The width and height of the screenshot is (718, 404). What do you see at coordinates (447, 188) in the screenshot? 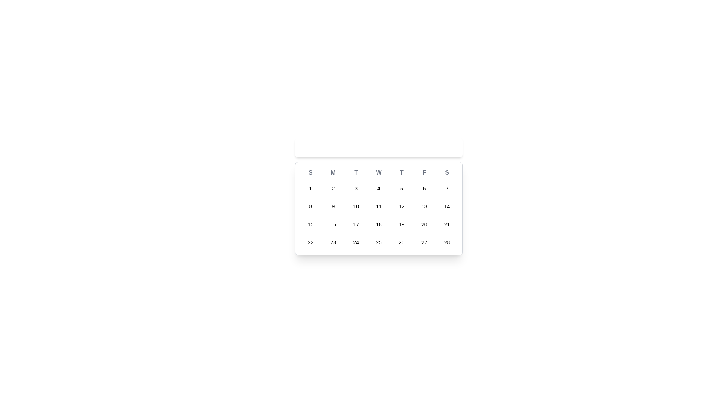
I see `the button displaying the number '7', which is located in the calendar grid under the 'S' weekday header` at bounding box center [447, 188].